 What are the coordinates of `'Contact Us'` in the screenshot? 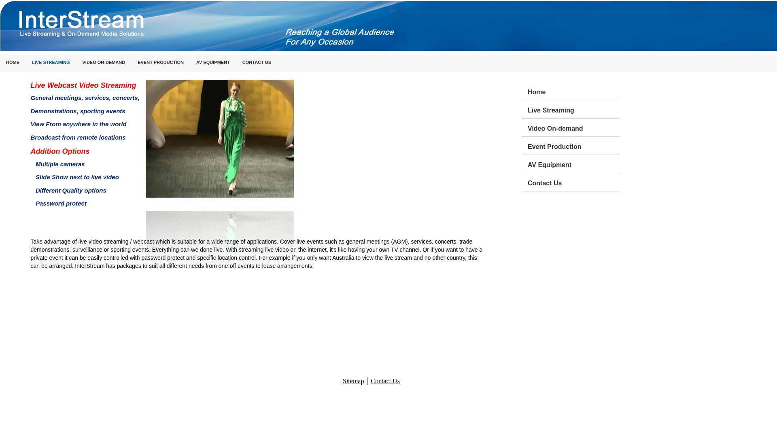 It's located at (384, 381).